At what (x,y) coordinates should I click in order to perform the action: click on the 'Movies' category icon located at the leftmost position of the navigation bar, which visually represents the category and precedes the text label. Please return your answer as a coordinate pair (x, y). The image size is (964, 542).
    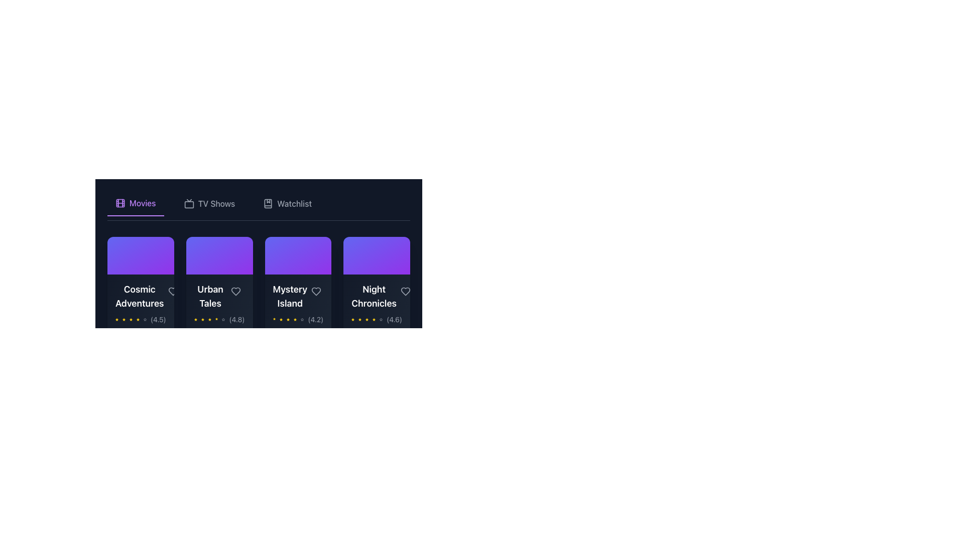
    Looking at the image, I should click on (120, 203).